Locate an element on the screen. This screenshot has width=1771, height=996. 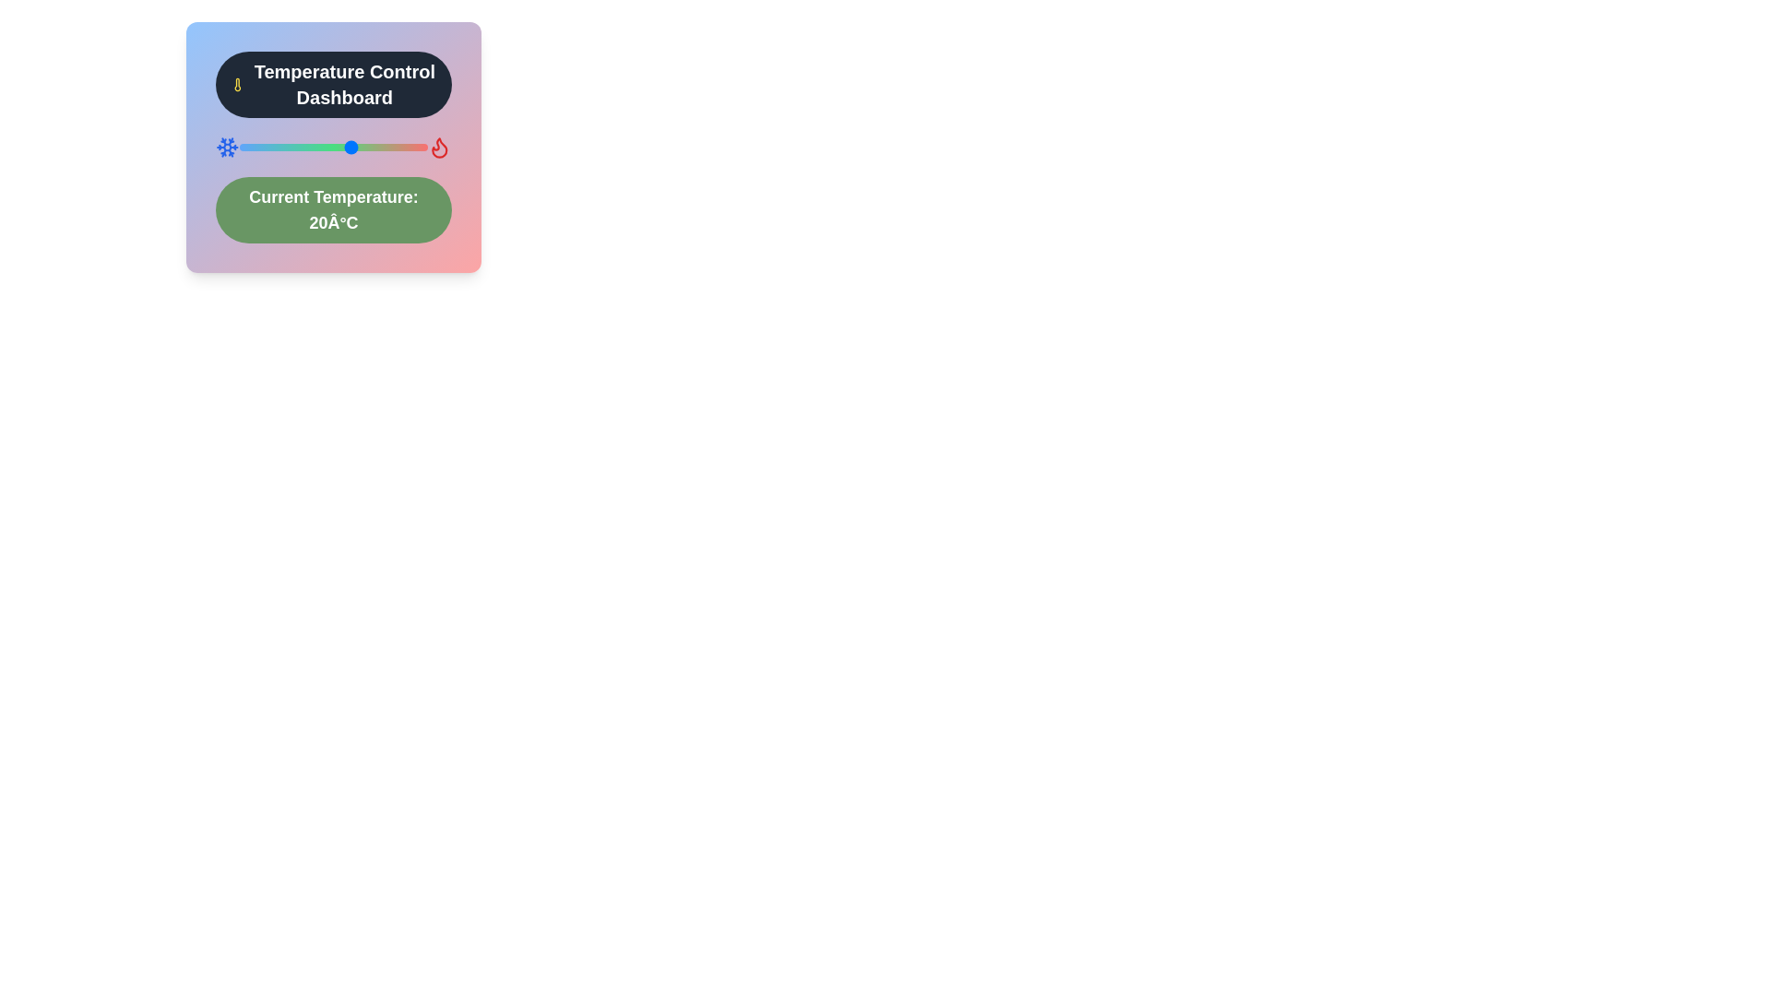
the background gradient to trigger any hidden action is located at coordinates (333, 146).